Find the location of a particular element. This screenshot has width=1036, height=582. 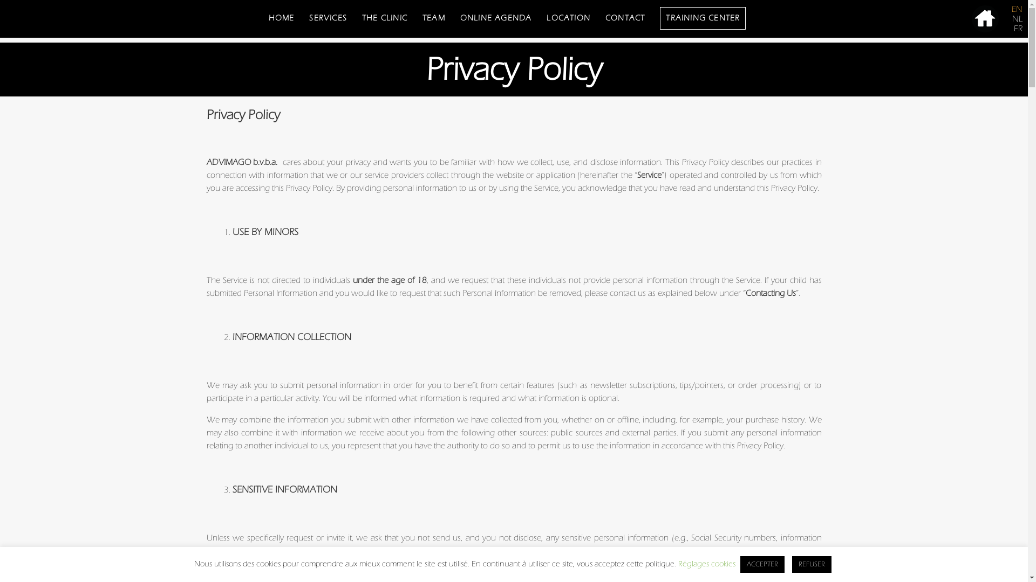

'FR' is located at coordinates (1013, 28).